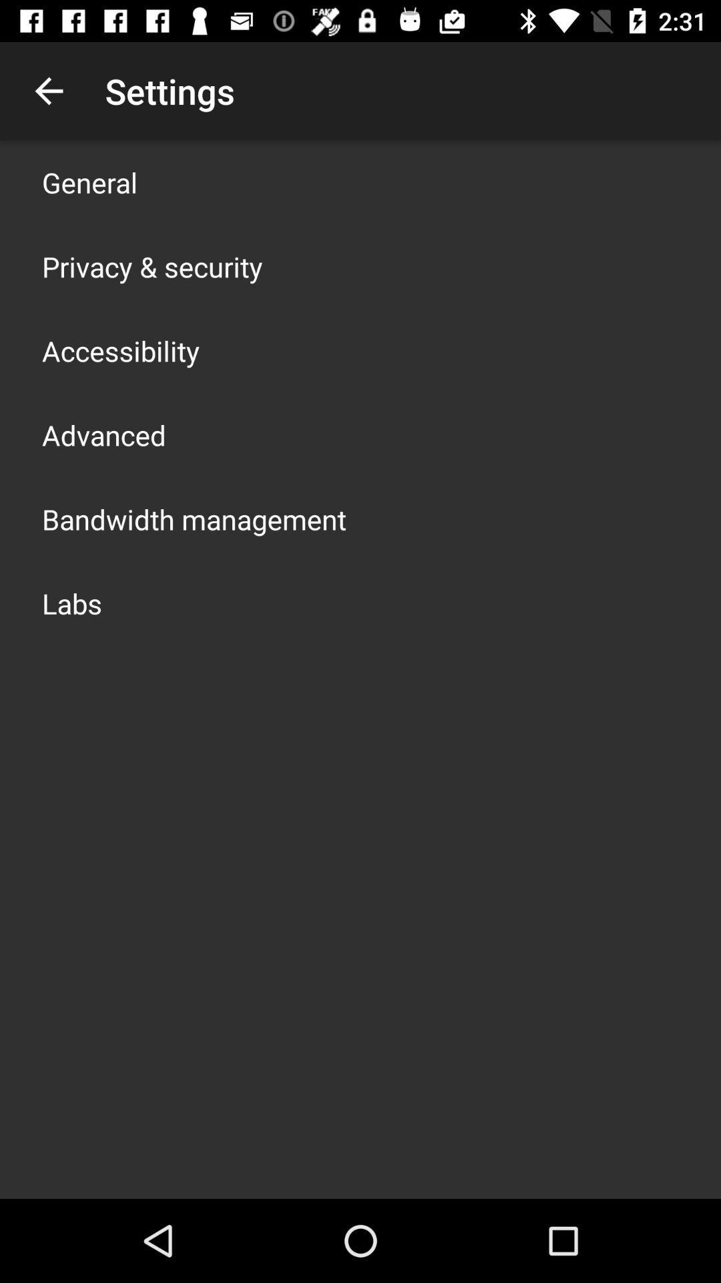  I want to click on the app above the general icon, so click(48, 90).